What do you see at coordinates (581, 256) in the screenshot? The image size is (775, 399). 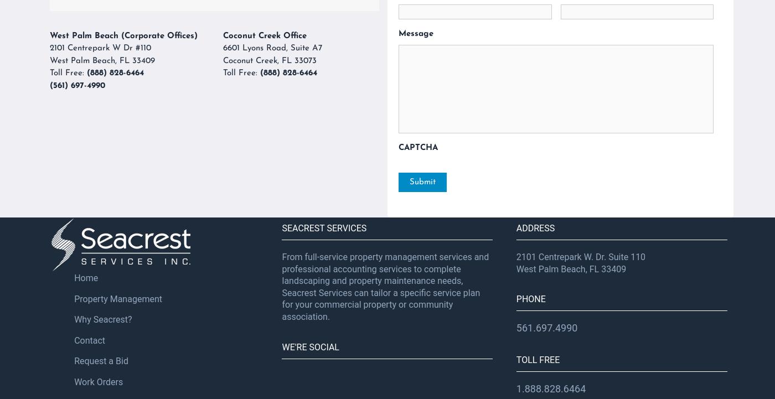 I see `'2101 Centrepark W. Dr. Suite 110'` at bounding box center [581, 256].